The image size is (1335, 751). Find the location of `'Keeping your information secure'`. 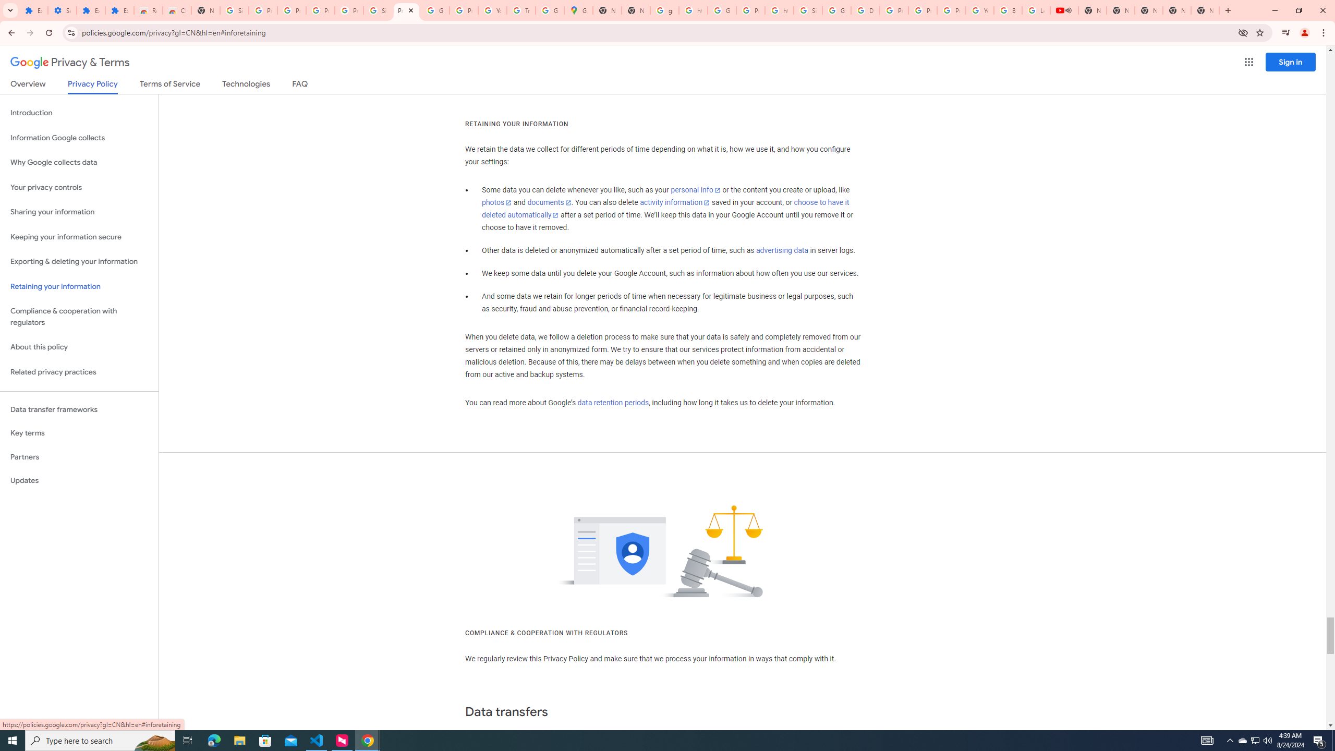

'Keeping your information secure' is located at coordinates (79, 237).